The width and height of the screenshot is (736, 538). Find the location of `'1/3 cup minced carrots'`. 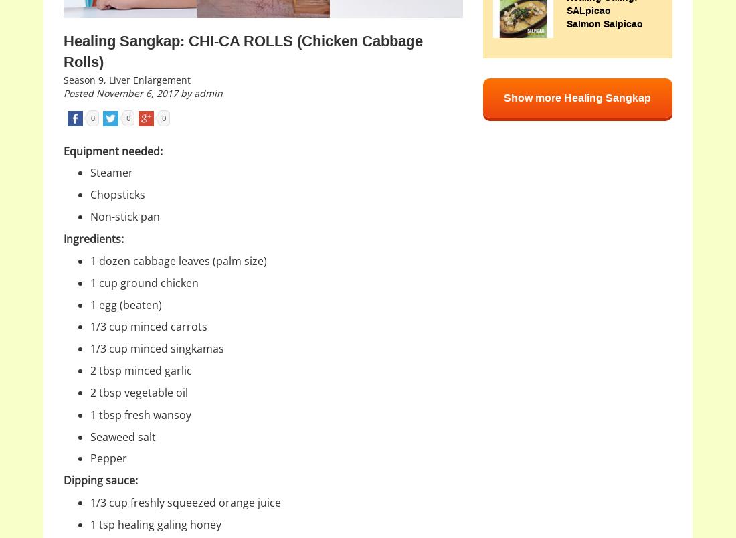

'1/3 cup minced carrots' is located at coordinates (149, 326).